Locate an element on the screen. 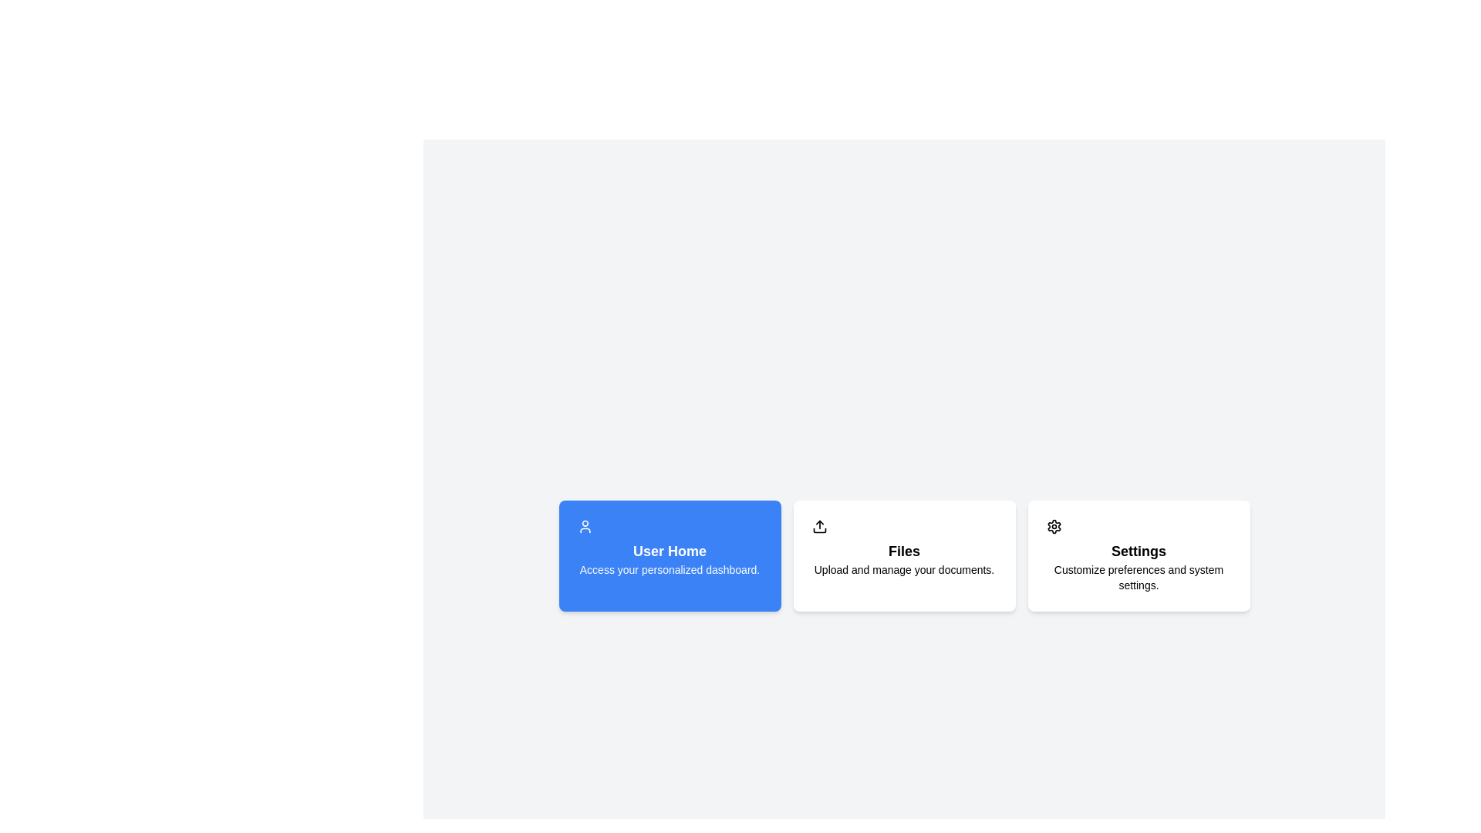 The image size is (1481, 833). the static text element that reads 'User Home', which is styled in bold white font against a blue background, indicating its prominence as a title or headline is located at coordinates (670, 550).